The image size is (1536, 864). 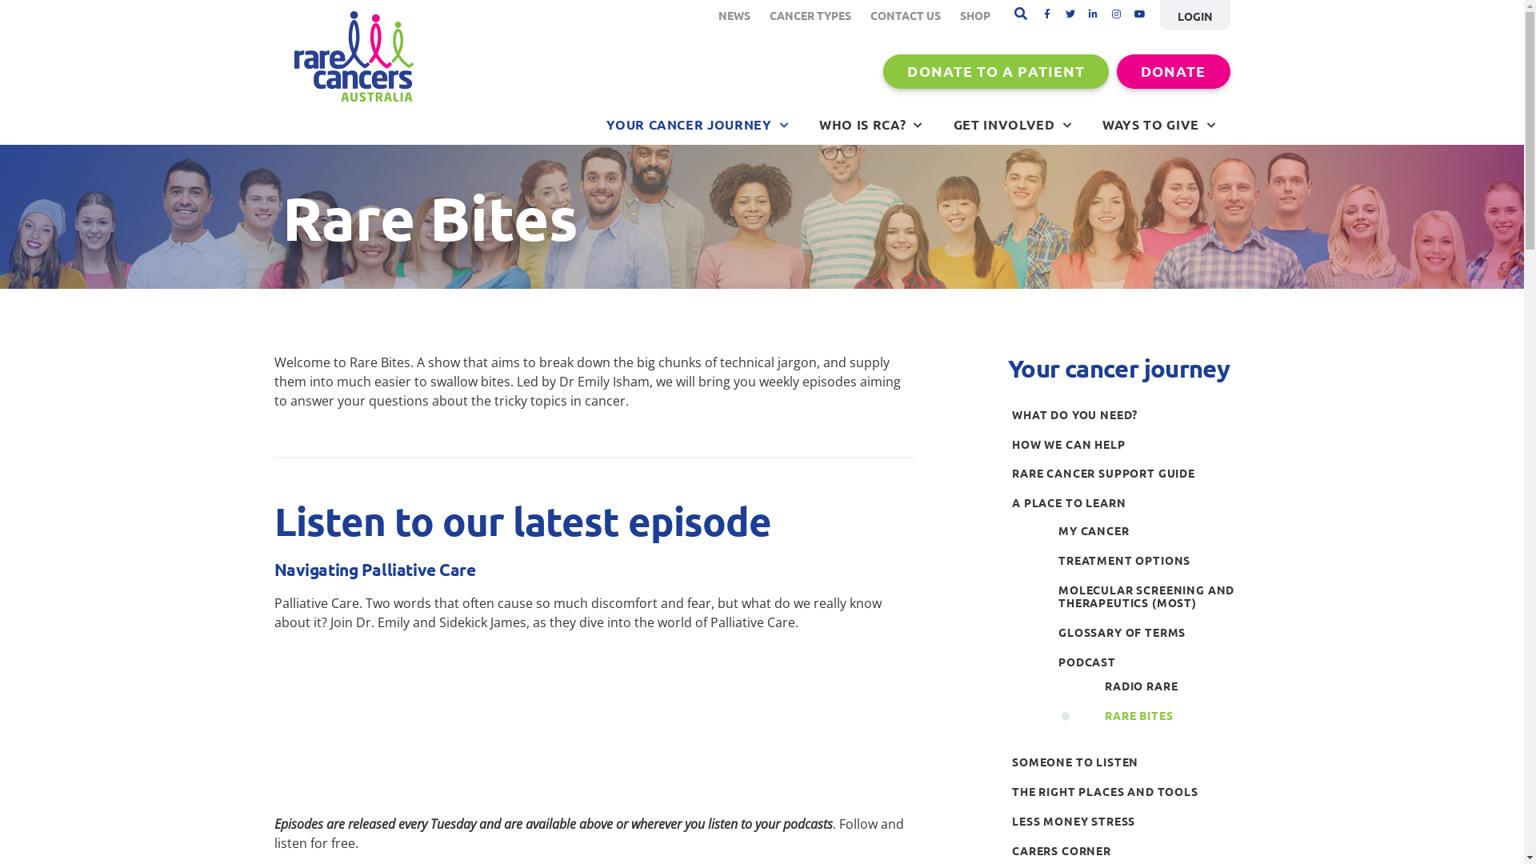 I want to click on 'SOMEONE TO LISTEN', so click(x=1124, y=761).